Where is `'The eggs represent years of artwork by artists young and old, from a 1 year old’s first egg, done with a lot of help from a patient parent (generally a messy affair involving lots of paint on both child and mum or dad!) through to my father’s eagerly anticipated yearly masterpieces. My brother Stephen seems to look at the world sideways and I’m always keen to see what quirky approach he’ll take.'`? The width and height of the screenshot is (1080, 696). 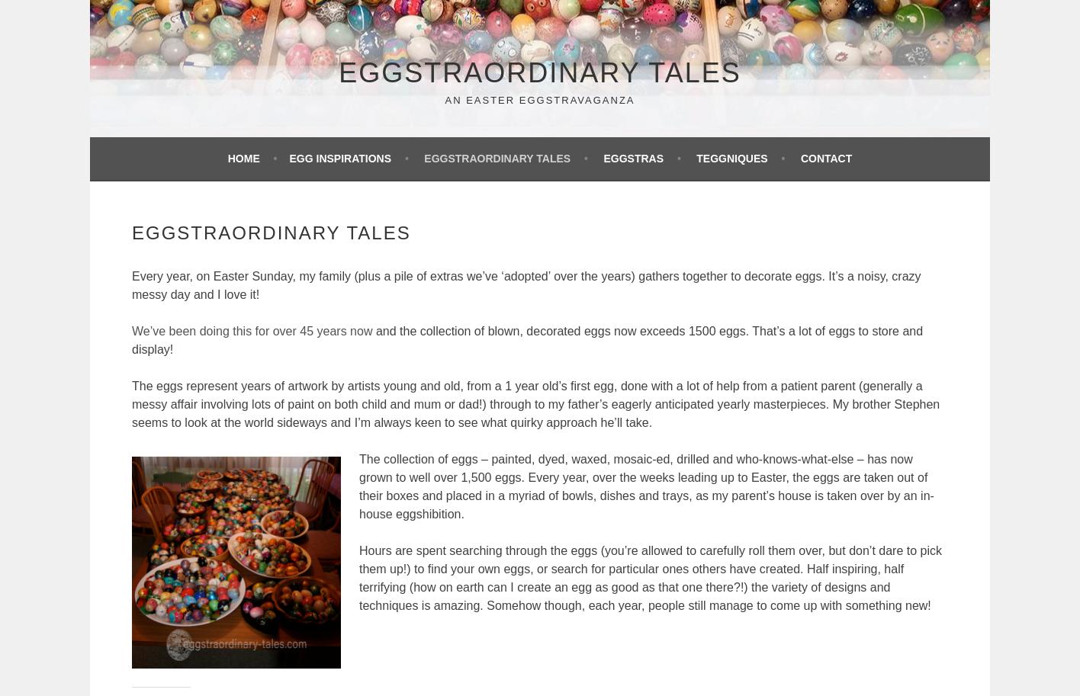
'The eggs represent years of artwork by artists young and old, from a 1 year old’s first egg, done with a lot of help from a patient parent (generally a messy affair involving lots of paint on both child and mum or dad!) through to my father’s eagerly anticipated yearly masterpieces. My brother Stephen seems to look at the world sideways and I’m always keen to see what quirky approach he’ll take.' is located at coordinates (535, 403).